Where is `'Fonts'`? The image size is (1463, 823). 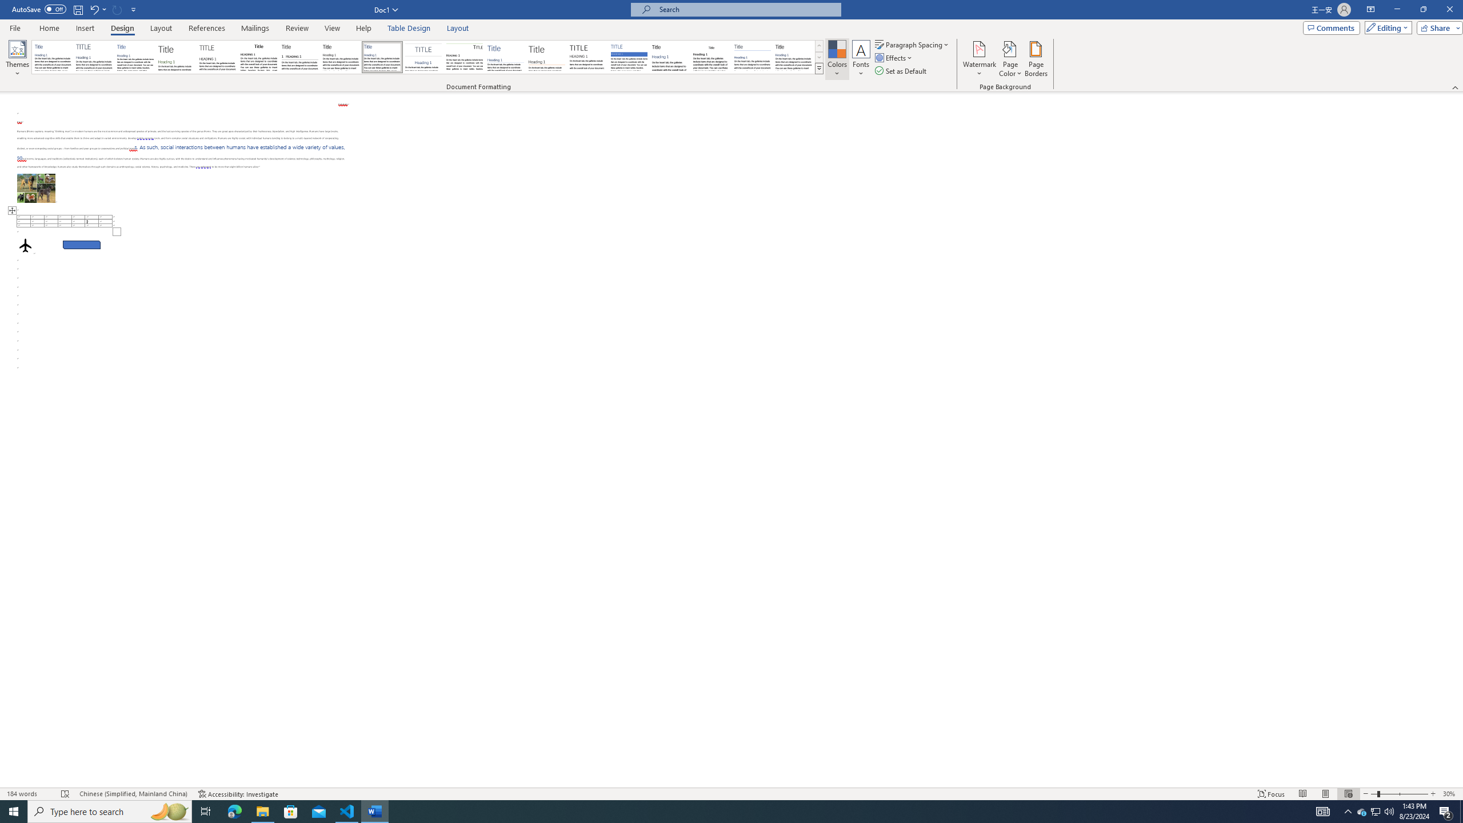 'Fonts' is located at coordinates (860, 59).